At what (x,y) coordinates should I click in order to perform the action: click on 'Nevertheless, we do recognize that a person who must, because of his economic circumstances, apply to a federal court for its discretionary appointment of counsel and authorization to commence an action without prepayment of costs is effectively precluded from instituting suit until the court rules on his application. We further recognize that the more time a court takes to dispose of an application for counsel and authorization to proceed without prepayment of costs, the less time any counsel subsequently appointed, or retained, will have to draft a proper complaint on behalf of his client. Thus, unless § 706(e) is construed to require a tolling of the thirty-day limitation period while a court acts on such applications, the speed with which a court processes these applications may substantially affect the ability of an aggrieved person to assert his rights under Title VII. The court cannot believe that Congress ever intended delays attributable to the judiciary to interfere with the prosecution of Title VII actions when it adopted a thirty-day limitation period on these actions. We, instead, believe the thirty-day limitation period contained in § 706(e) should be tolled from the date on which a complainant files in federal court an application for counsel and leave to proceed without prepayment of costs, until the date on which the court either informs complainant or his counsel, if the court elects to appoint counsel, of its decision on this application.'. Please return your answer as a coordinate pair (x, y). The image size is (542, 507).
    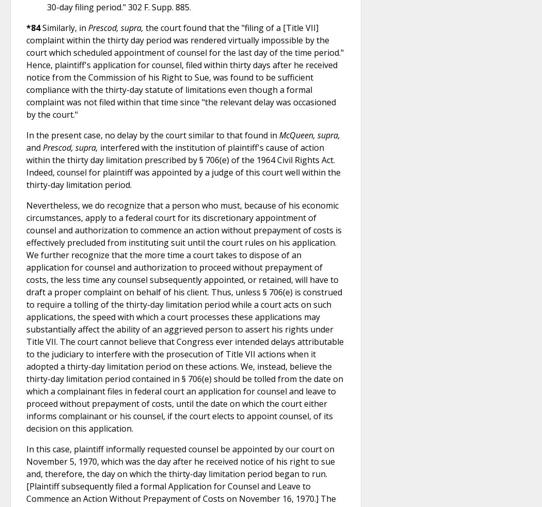
    Looking at the image, I should click on (184, 315).